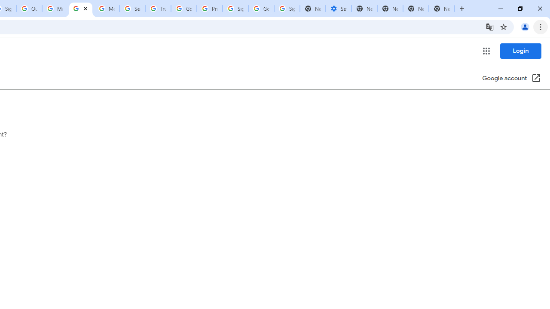  What do you see at coordinates (80, 9) in the screenshot?
I see `'Get your account verified - Google Account Help'` at bounding box center [80, 9].